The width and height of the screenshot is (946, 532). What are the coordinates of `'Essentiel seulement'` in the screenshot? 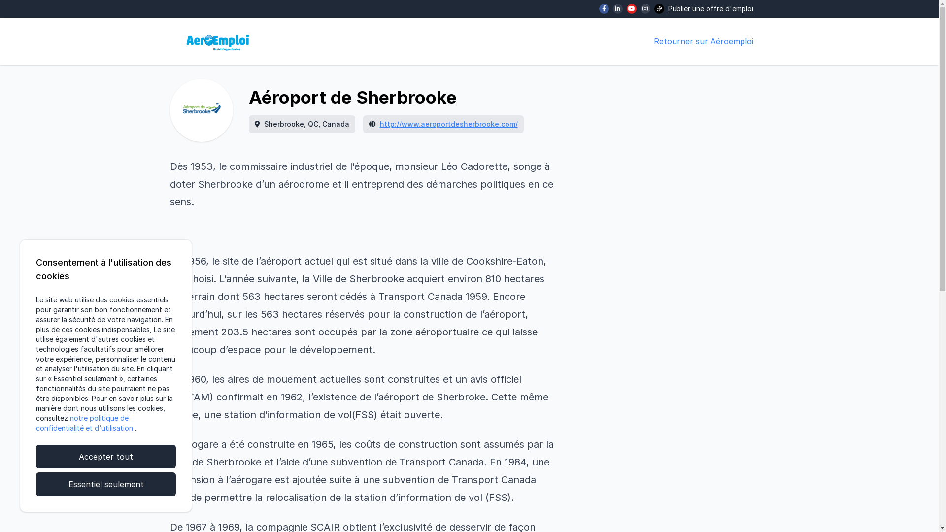 It's located at (106, 484).